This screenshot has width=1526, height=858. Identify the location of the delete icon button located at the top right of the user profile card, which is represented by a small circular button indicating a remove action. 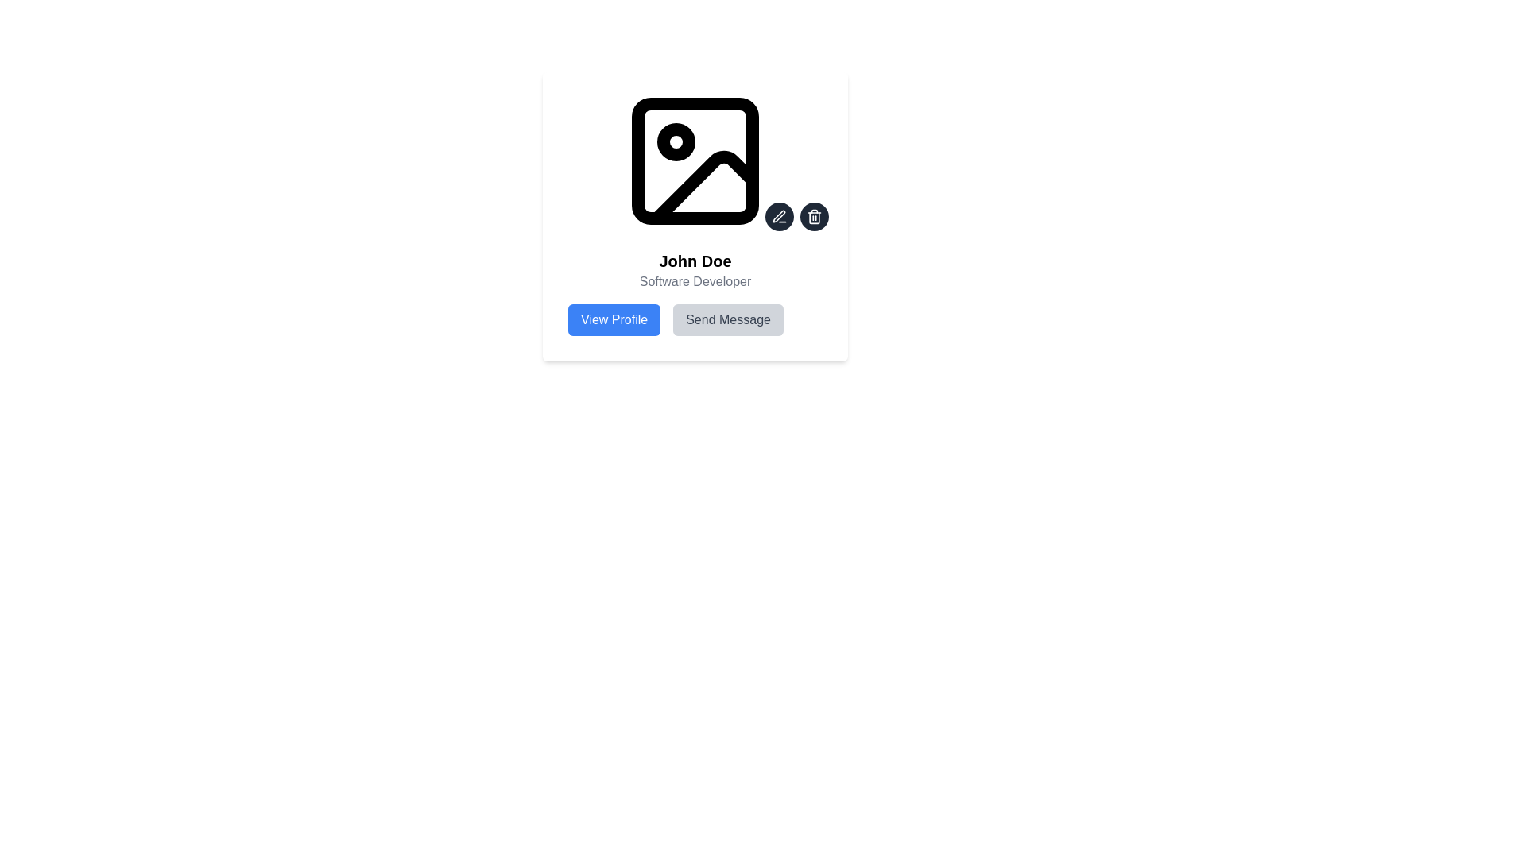
(815, 217).